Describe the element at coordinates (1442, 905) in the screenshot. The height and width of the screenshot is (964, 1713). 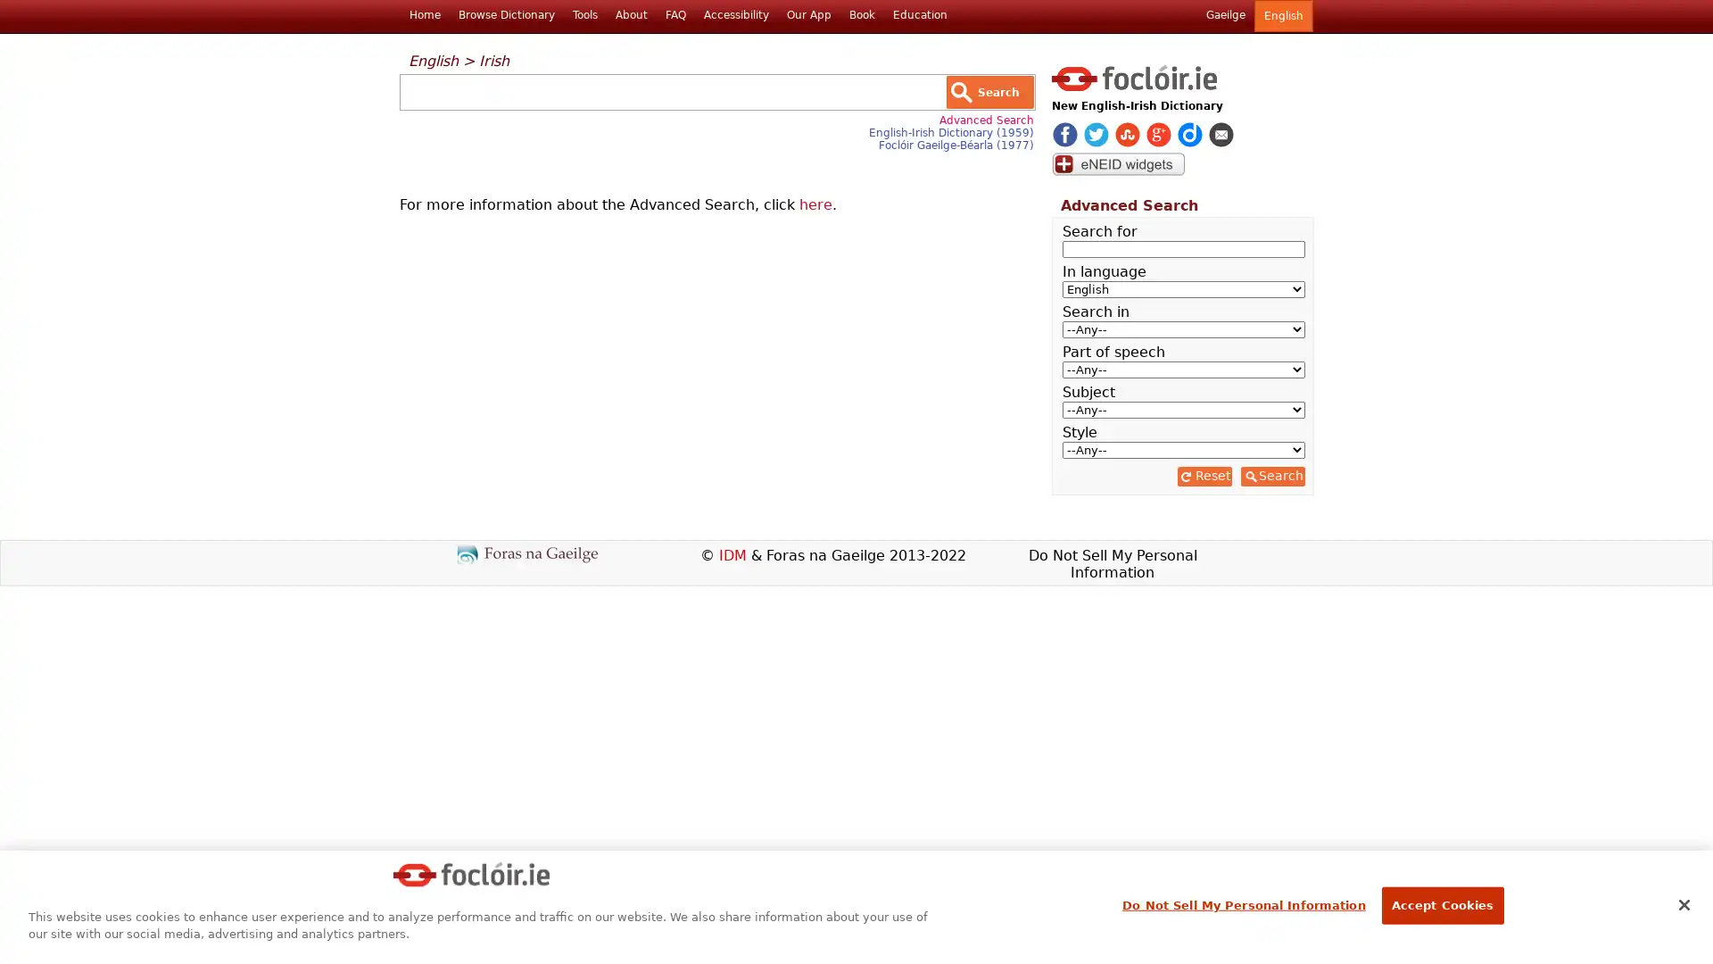
I see `Accept Cookies` at that location.